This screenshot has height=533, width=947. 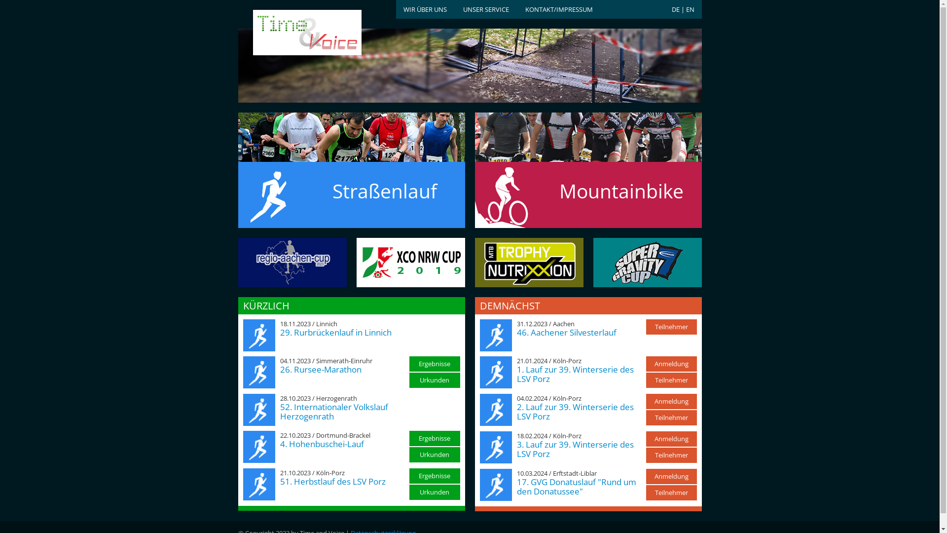 What do you see at coordinates (333, 481) in the screenshot?
I see `'51. Herbstlauf des LSV Porz'` at bounding box center [333, 481].